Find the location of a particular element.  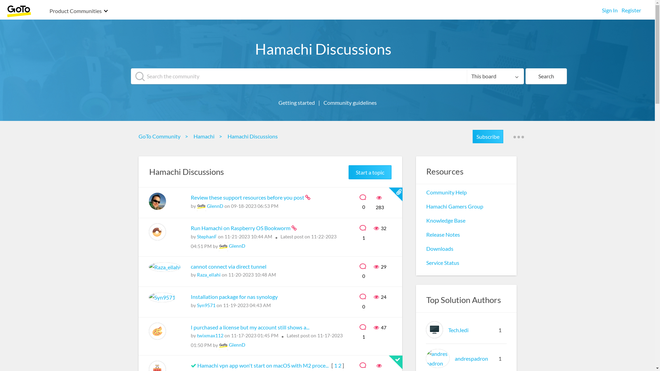

'Review these support resources before you post' is located at coordinates (247, 197).